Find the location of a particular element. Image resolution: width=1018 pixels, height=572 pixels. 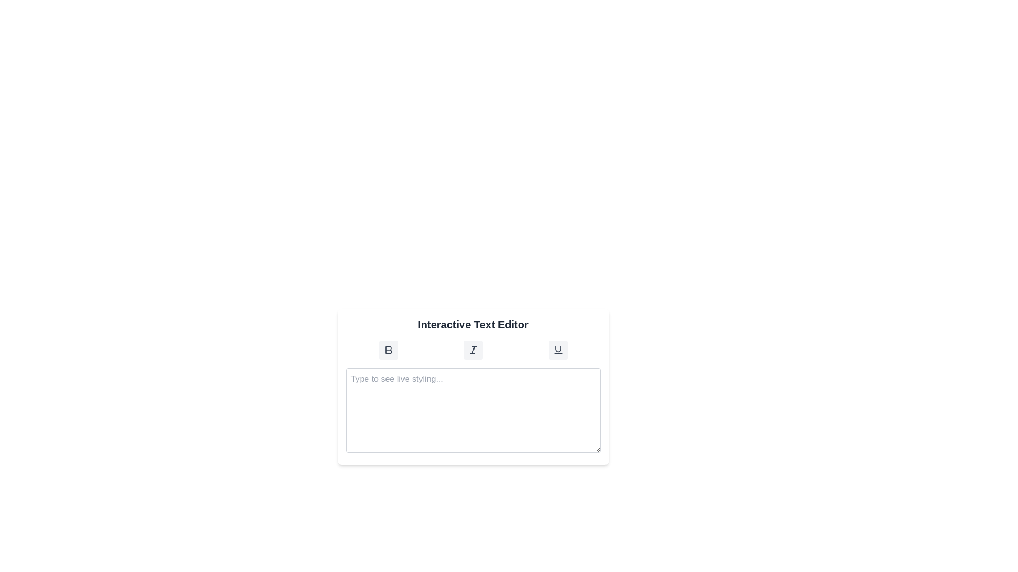

the decorative detail of the italic formatting icon, which is centrally positioned among the bold and underline icons is located at coordinates (472, 350).